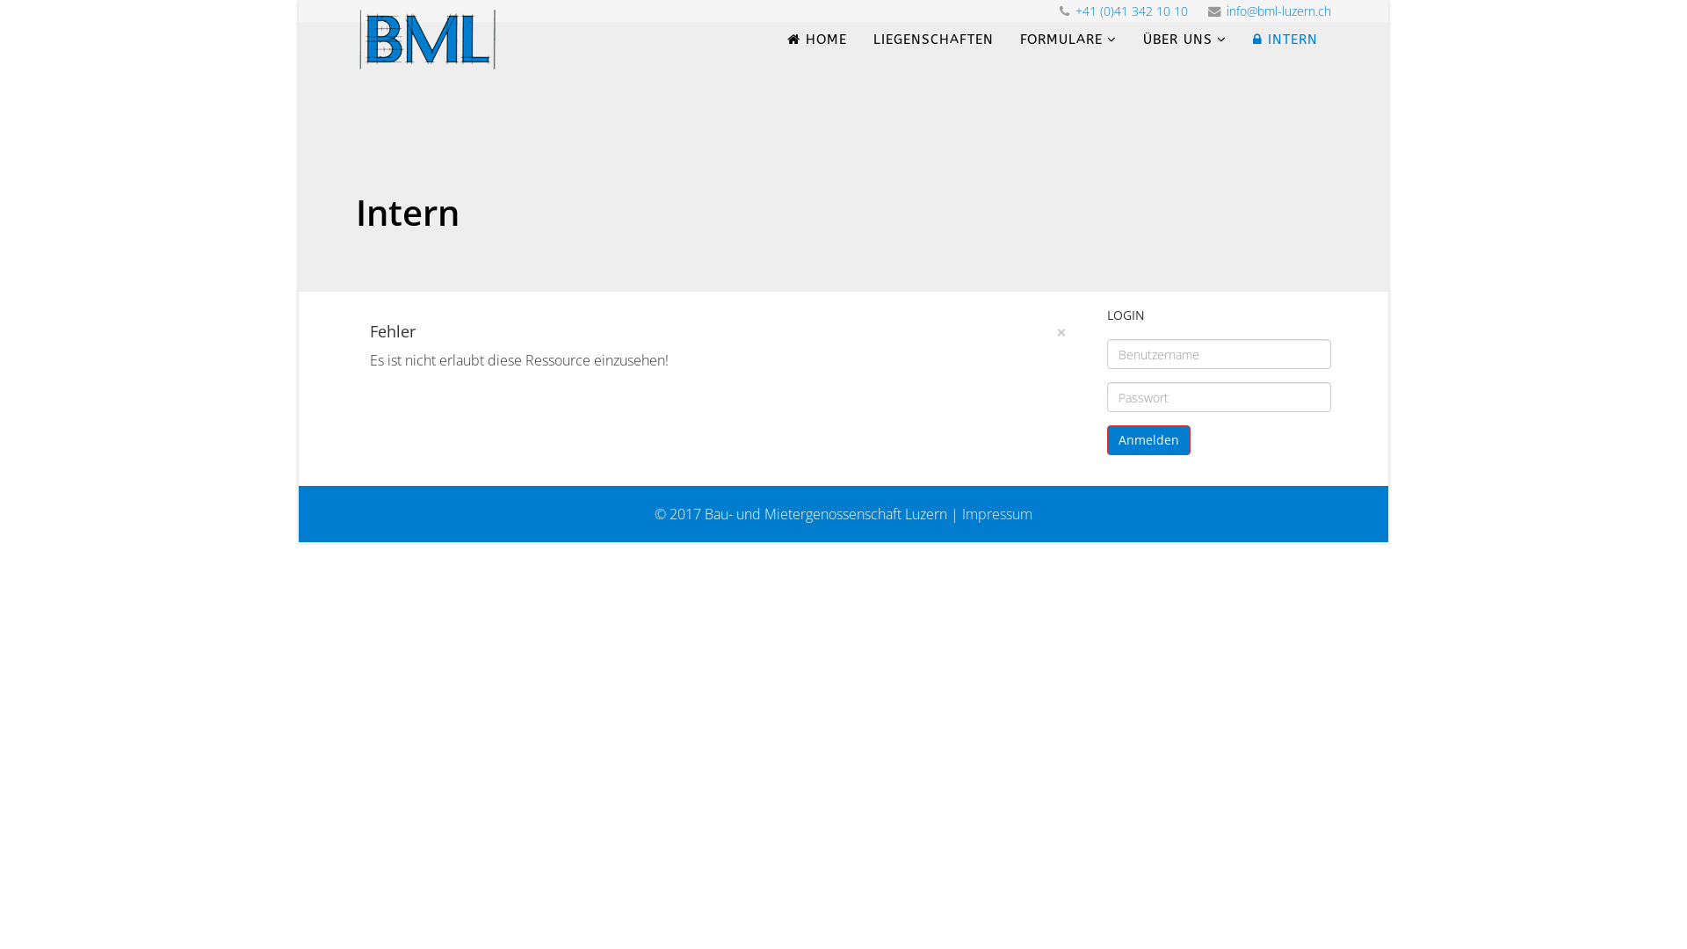  Describe the element at coordinates (1105, 439) in the screenshot. I see `'Anmelden'` at that location.